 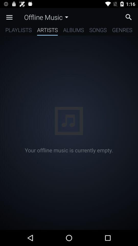 What do you see at coordinates (9, 17) in the screenshot?
I see `the app above playlists` at bounding box center [9, 17].